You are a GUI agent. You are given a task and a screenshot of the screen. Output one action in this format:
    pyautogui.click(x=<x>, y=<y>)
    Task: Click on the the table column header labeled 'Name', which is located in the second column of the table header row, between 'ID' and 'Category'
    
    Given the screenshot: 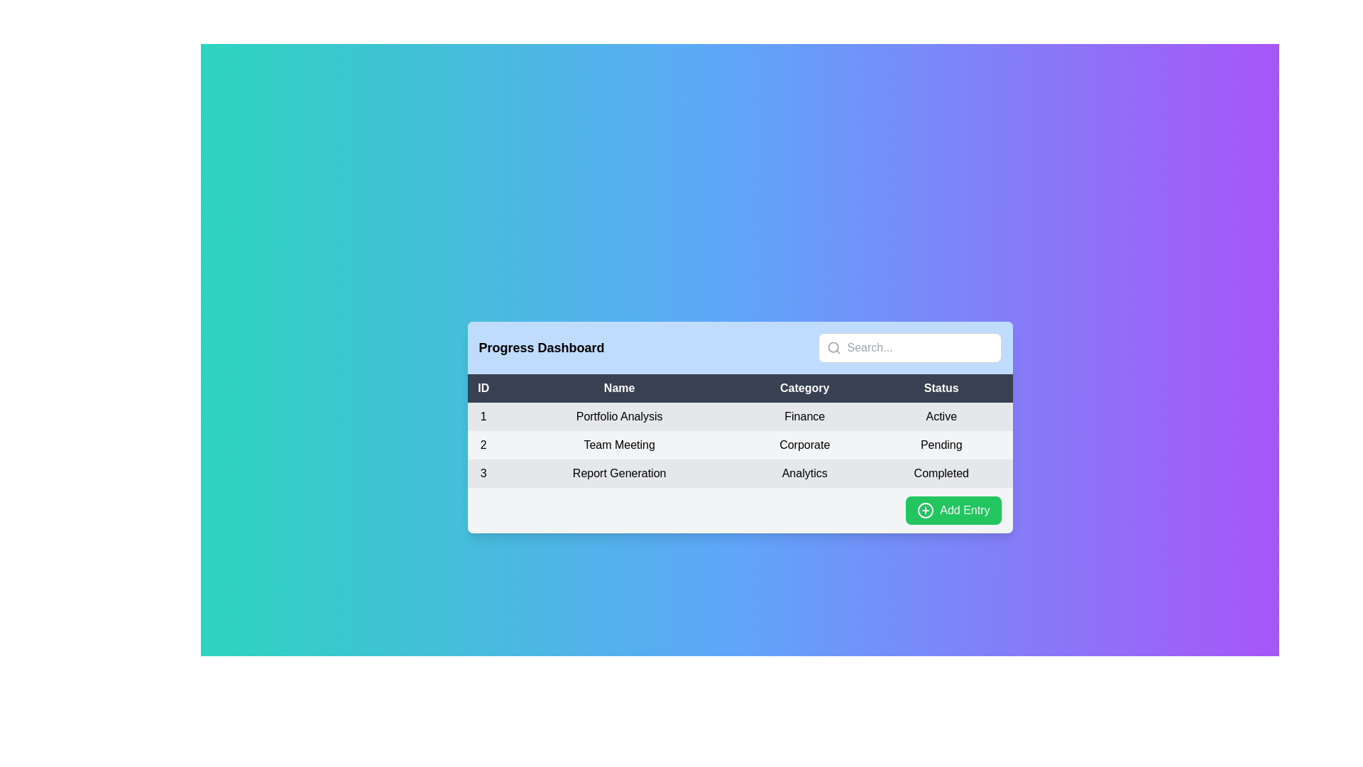 What is the action you would take?
    pyautogui.click(x=619, y=388)
    